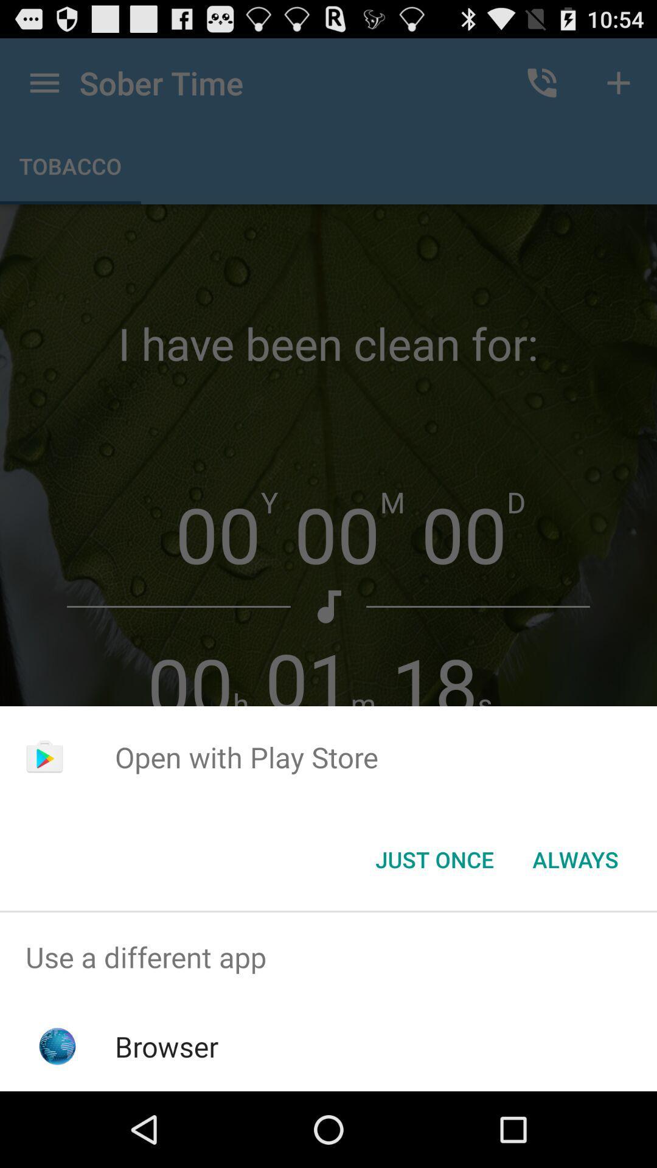 The height and width of the screenshot is (1168, 657). What do you see at coordinates (167, 1046) in the screenshot?
I see `icon below the use a different app` at bounding box center [167, 1046].